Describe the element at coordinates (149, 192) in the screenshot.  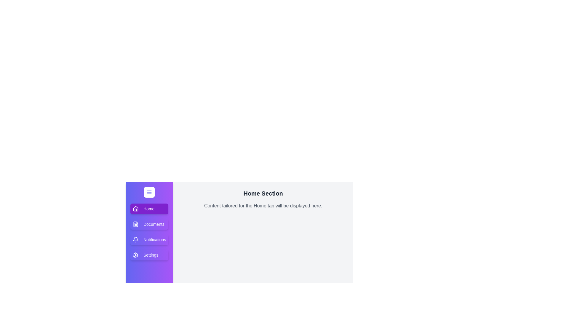
I see `toggle button to change the drawer's state` at that location.